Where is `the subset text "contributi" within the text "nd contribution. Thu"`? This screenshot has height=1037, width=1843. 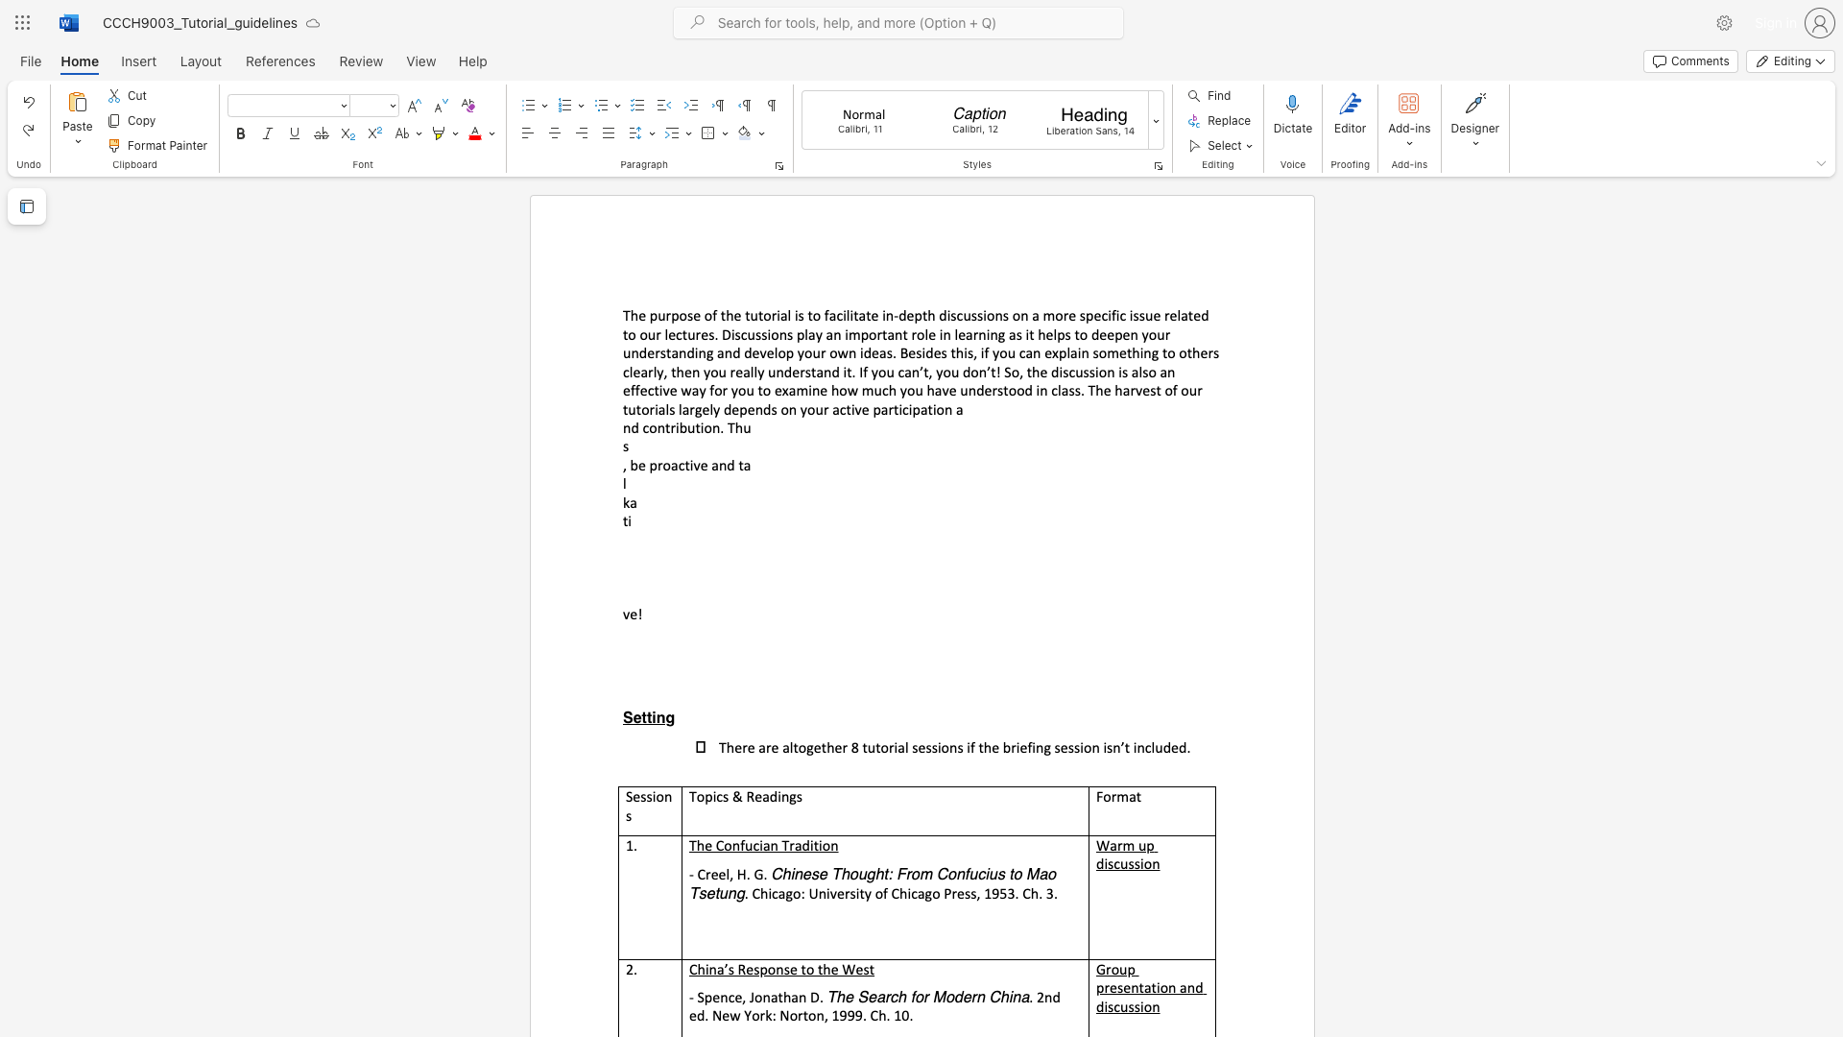
the subset text "contributi" within the text "nd contribution. Thu" is located at coordinates (642, 426).